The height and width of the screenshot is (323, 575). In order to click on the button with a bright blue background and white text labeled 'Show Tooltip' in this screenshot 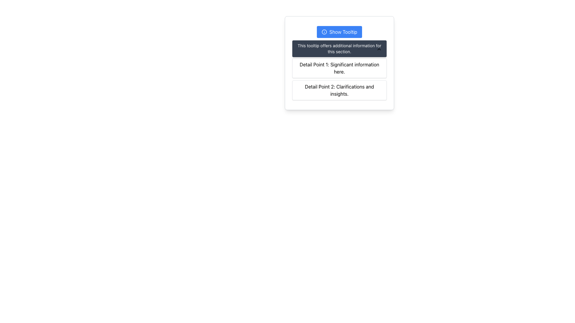, I will do `click(339, 32)`.